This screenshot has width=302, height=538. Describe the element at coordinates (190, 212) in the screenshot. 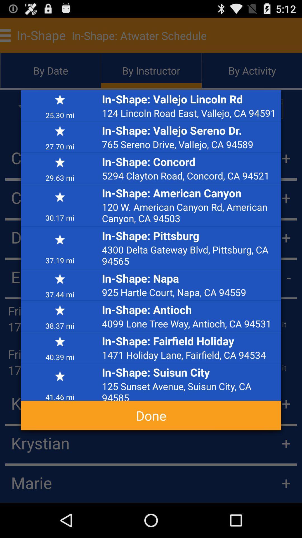

I see `the 120 w american` at that location.